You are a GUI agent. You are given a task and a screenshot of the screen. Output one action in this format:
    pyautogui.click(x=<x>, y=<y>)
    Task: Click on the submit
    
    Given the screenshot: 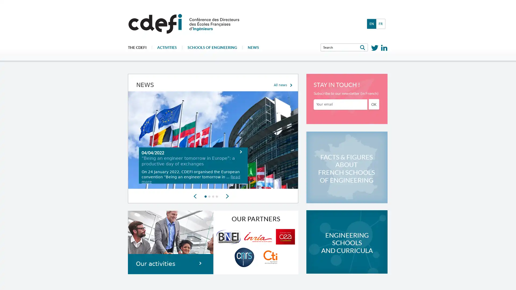 What is the action you would take?
    pyautogui.click(x=374, y=104)
    